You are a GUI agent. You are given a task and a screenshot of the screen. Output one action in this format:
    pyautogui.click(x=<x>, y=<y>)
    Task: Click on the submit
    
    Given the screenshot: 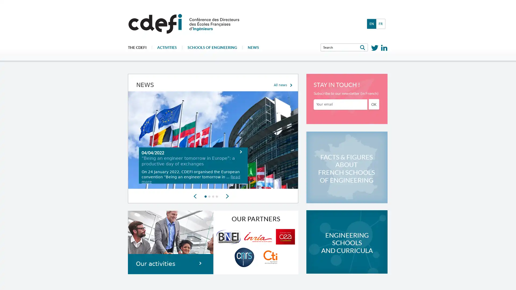 What is the action you would take?
    pyautogui.click(x=374, y=104)
    